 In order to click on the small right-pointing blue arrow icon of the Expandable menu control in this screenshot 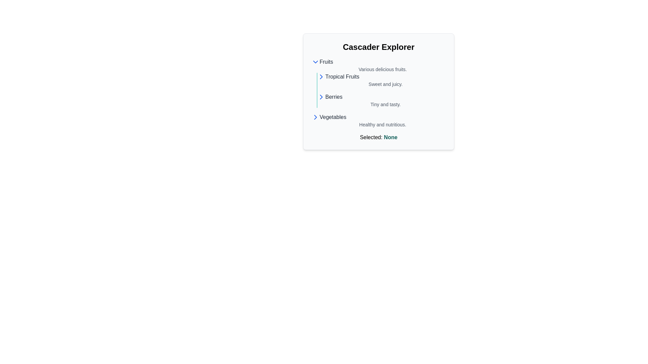, I will do `click(315, 117)`.